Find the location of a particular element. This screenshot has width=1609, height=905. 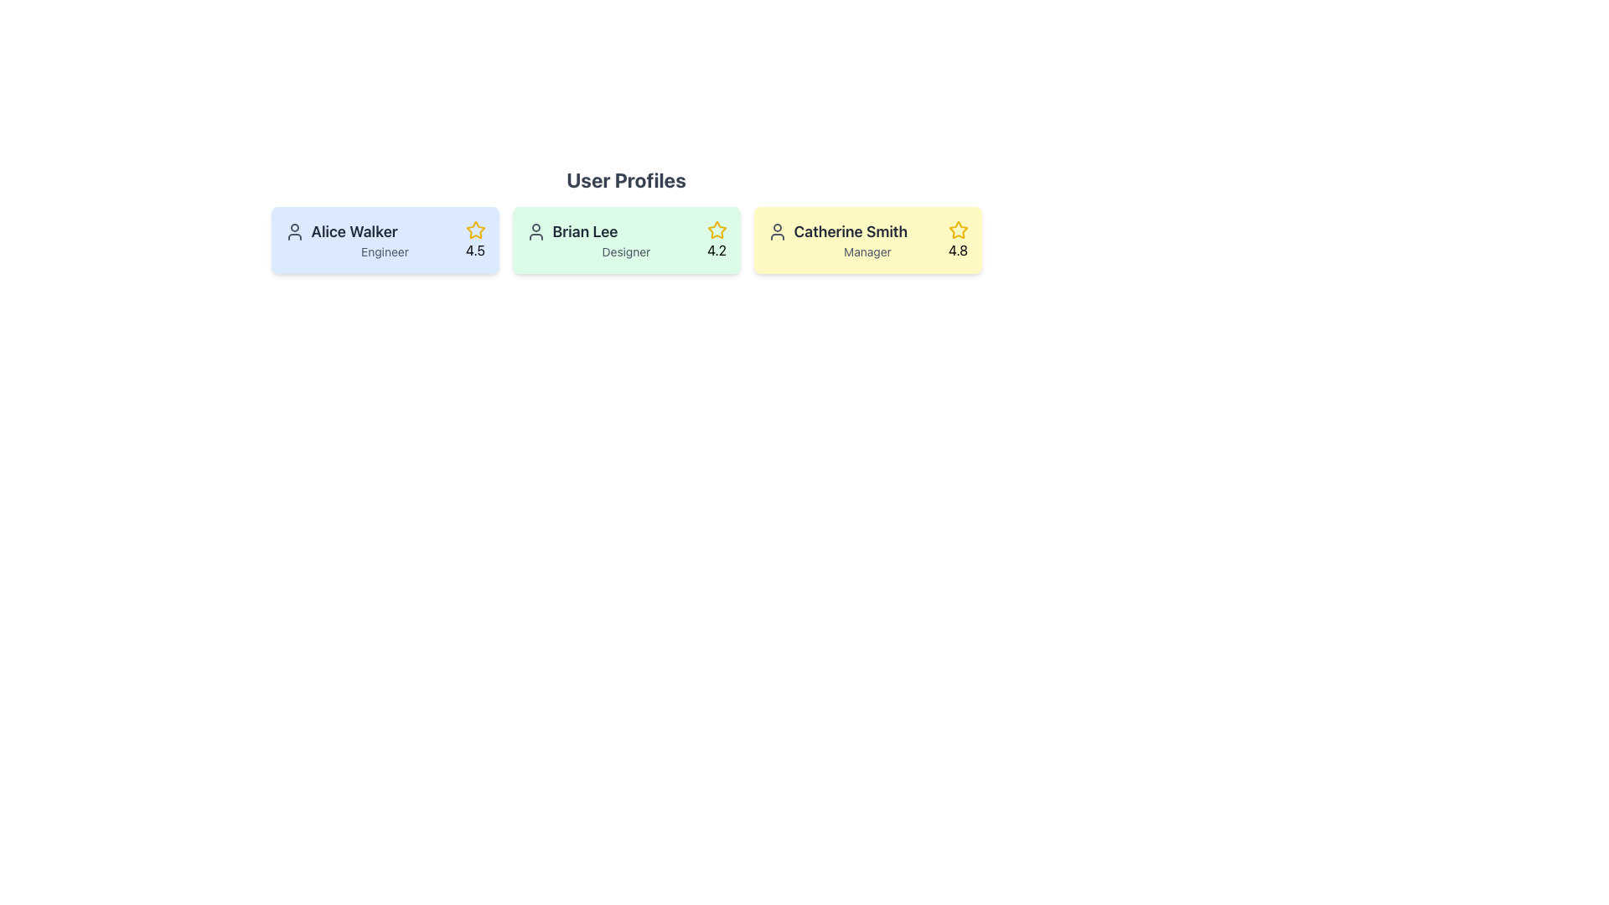

the text label displaying 'Manager' in small gray text, which is located below the name 'Catherine Smith' in the top-right yellow user profile card is located at coordinates (867, 251).